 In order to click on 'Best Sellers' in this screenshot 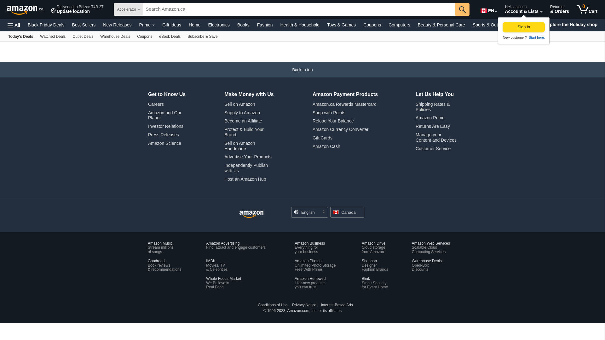, I will do `click(84, 24)`.